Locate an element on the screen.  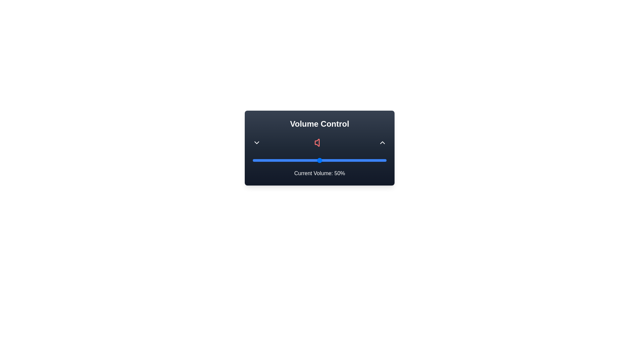
the volume icon to toggle mute/unmute is located at coordinates (319, 142).